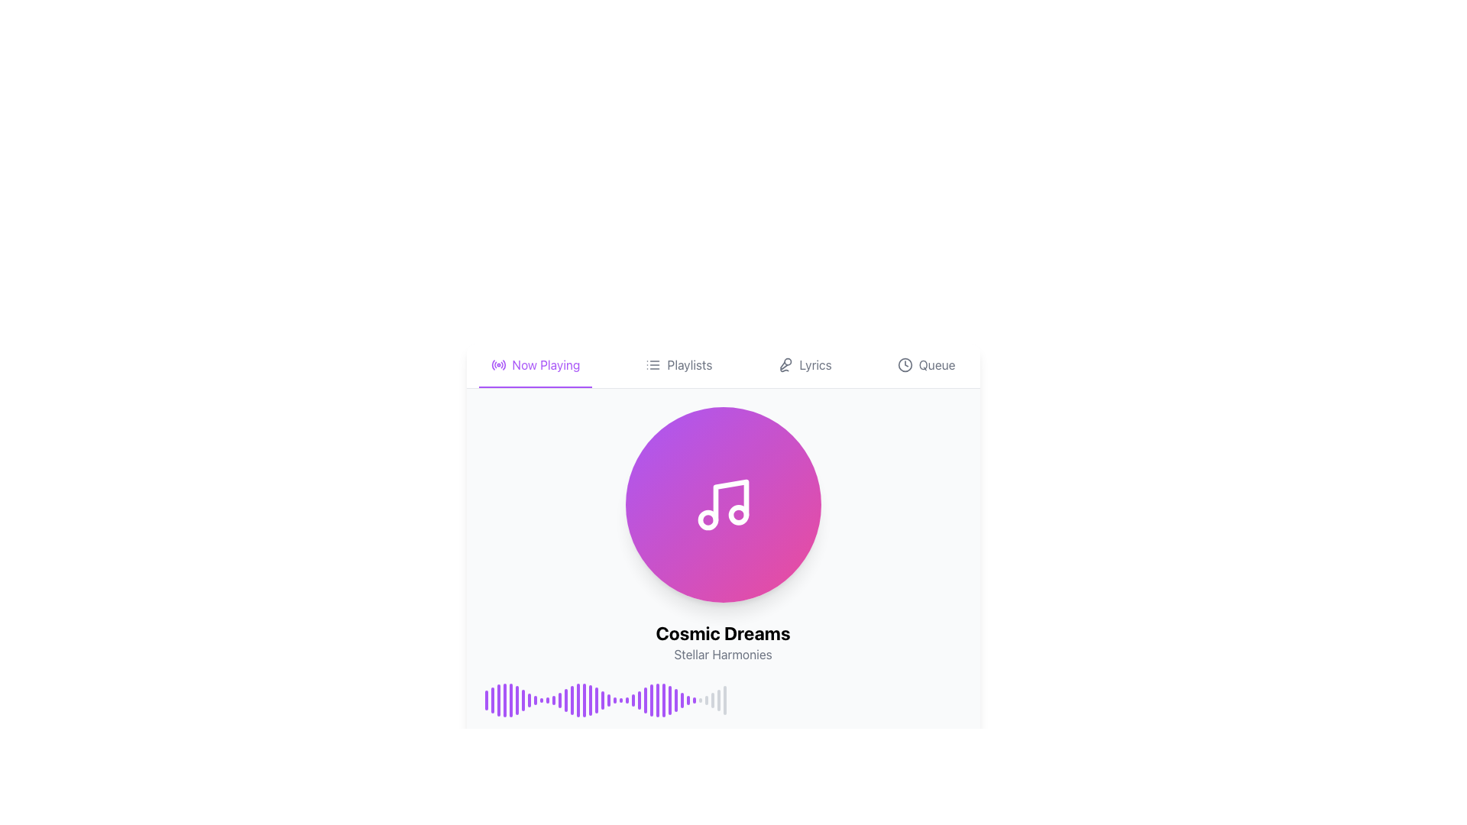 The image size is (1467, 825). What do you see at coordinates (707, 519) in the screenshot?
I see `the leftmost small circle graphic in the SVG that is part of the music-related interface, positioned slightly to the left and below the main note graphic` at bounding box center [707, 519].